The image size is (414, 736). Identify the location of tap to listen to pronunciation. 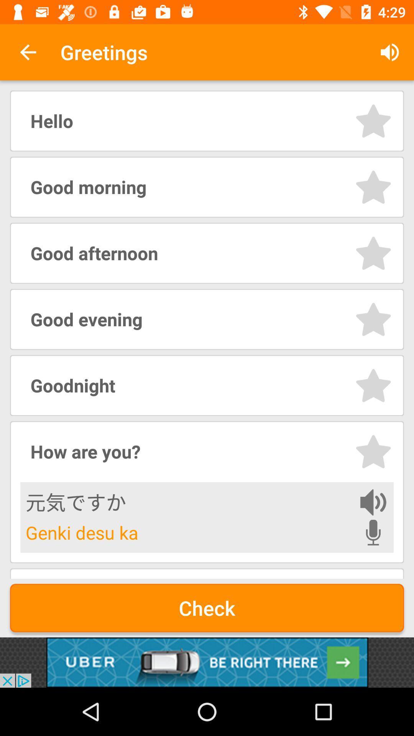
(373, 532).